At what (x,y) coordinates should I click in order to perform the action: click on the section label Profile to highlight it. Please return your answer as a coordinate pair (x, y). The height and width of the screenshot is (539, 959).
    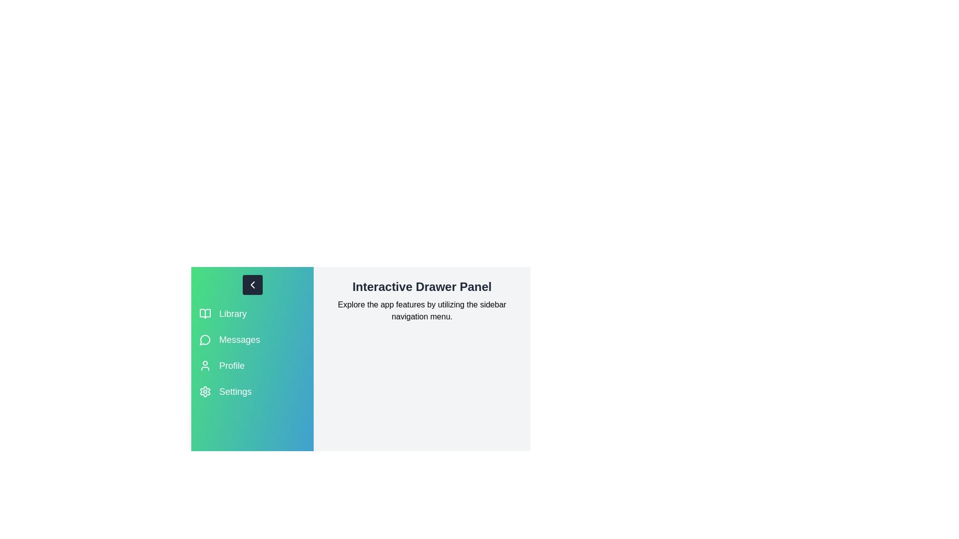
    Looking at the image, I should click on (231, 365).